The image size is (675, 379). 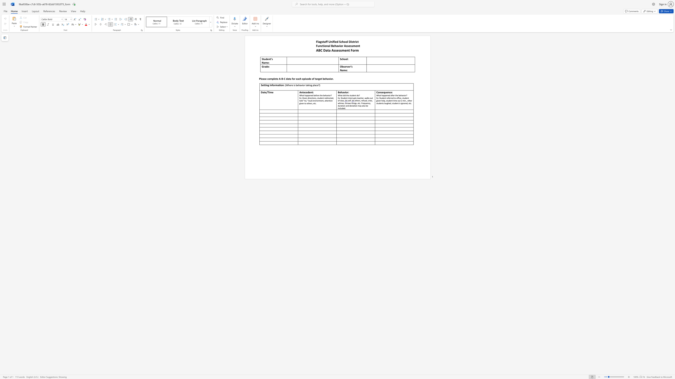 What do you see at coordinates (348, 46) in the screenshot?
I see `the 2th character "s" in the text` at bounding box center [348, 46].